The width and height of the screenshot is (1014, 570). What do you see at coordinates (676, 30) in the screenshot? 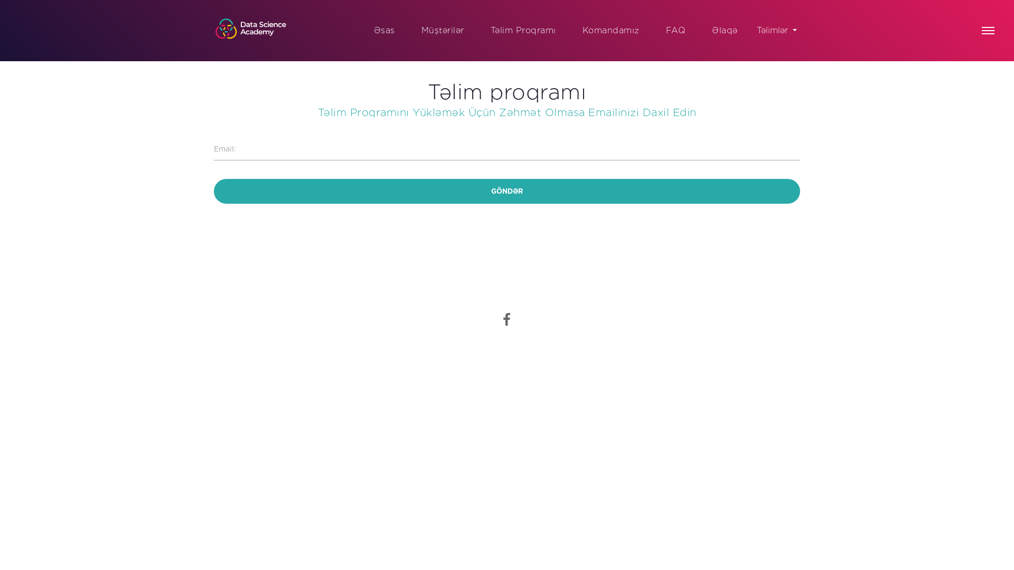
I see `'FAQ'` at bounding box center [676, 30].